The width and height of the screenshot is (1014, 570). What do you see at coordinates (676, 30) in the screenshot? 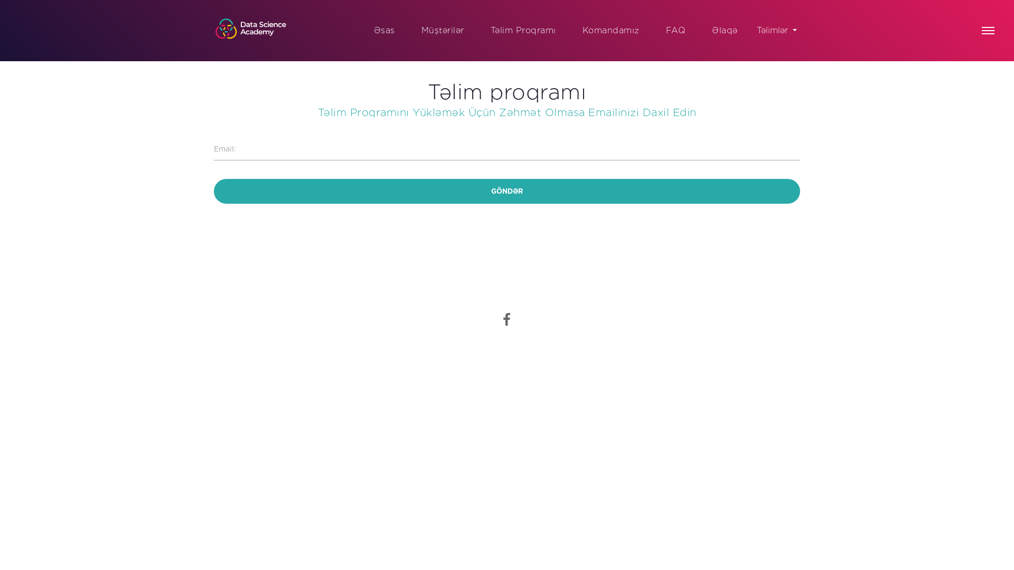
I see `'FAQ'` at bounding box center [676, 30].